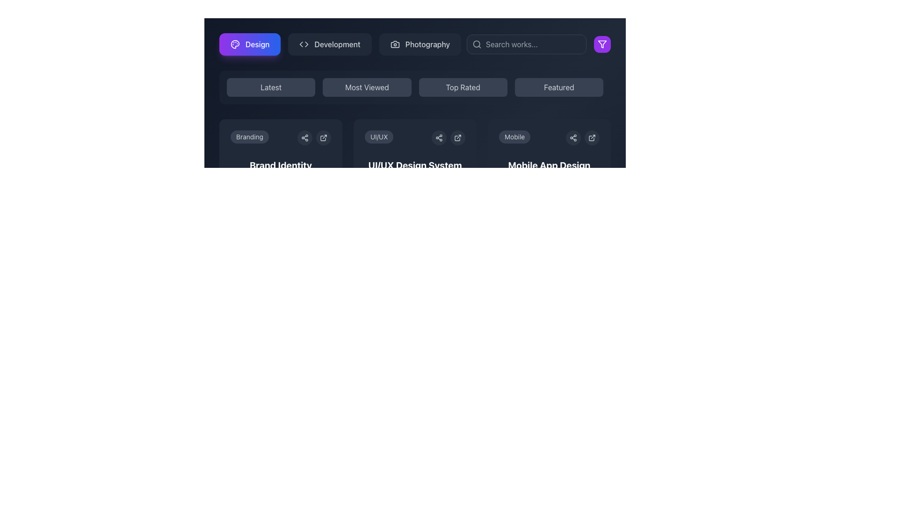  What do you see at coordinates (549, 185) in the screenshot?
I see `the Informational Statistic Display located below the title 'Mobile App Design'` at bounding box center [549, 185].